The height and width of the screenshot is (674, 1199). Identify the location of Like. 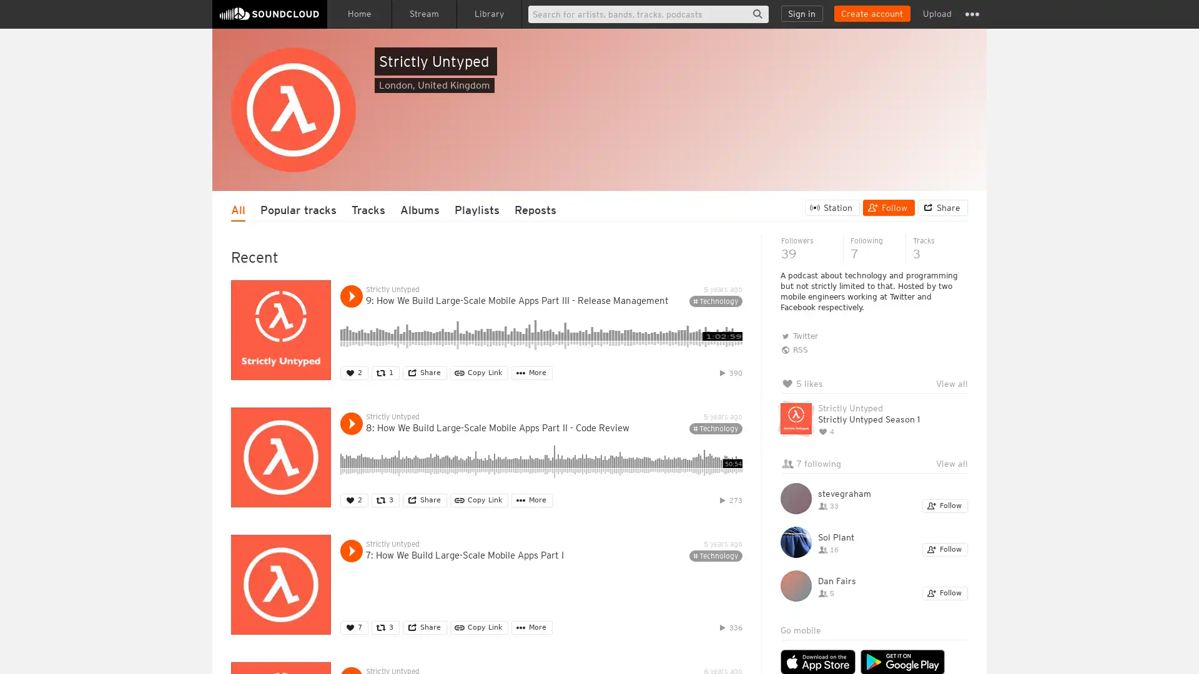
(353, 372).